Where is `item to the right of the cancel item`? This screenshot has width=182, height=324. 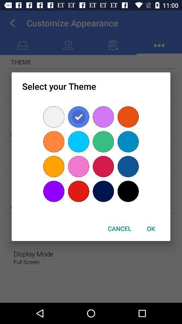
item to the right of the cancel item is located at coordinates (151, 228).